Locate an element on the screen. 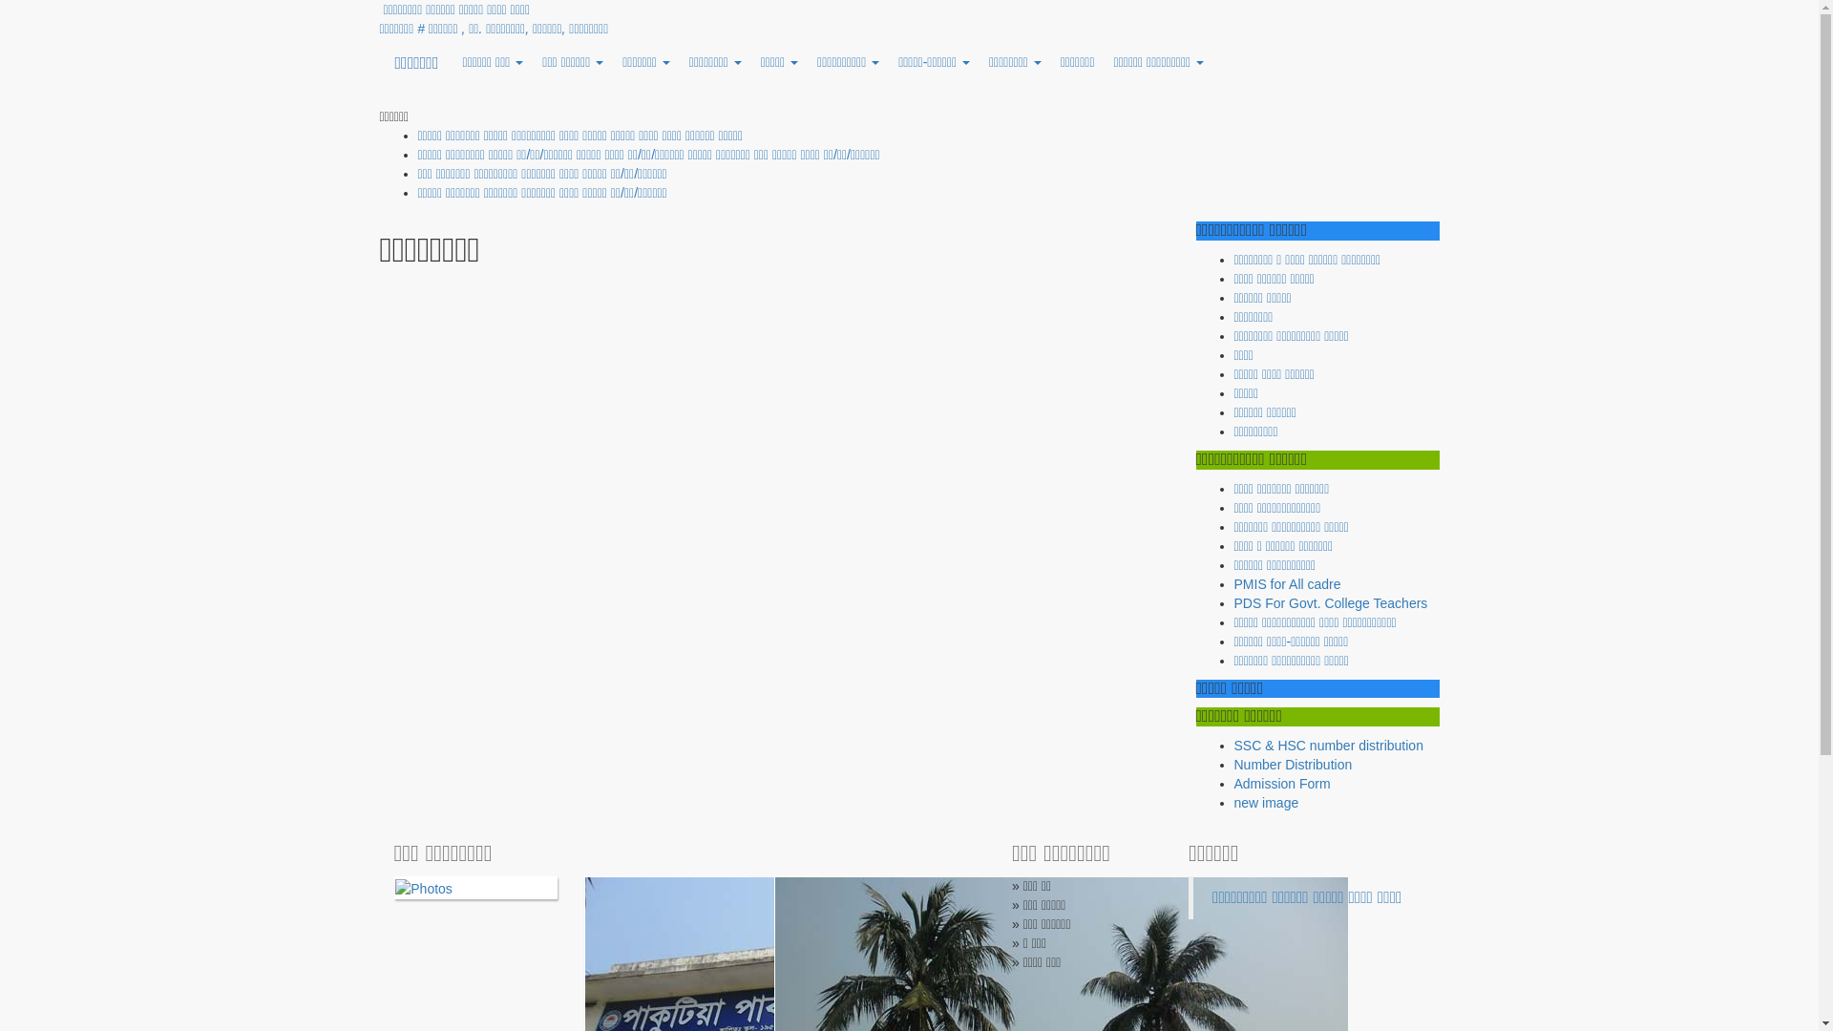  'SSC & HSC number distribution' is located at coordinates (1327, 744).